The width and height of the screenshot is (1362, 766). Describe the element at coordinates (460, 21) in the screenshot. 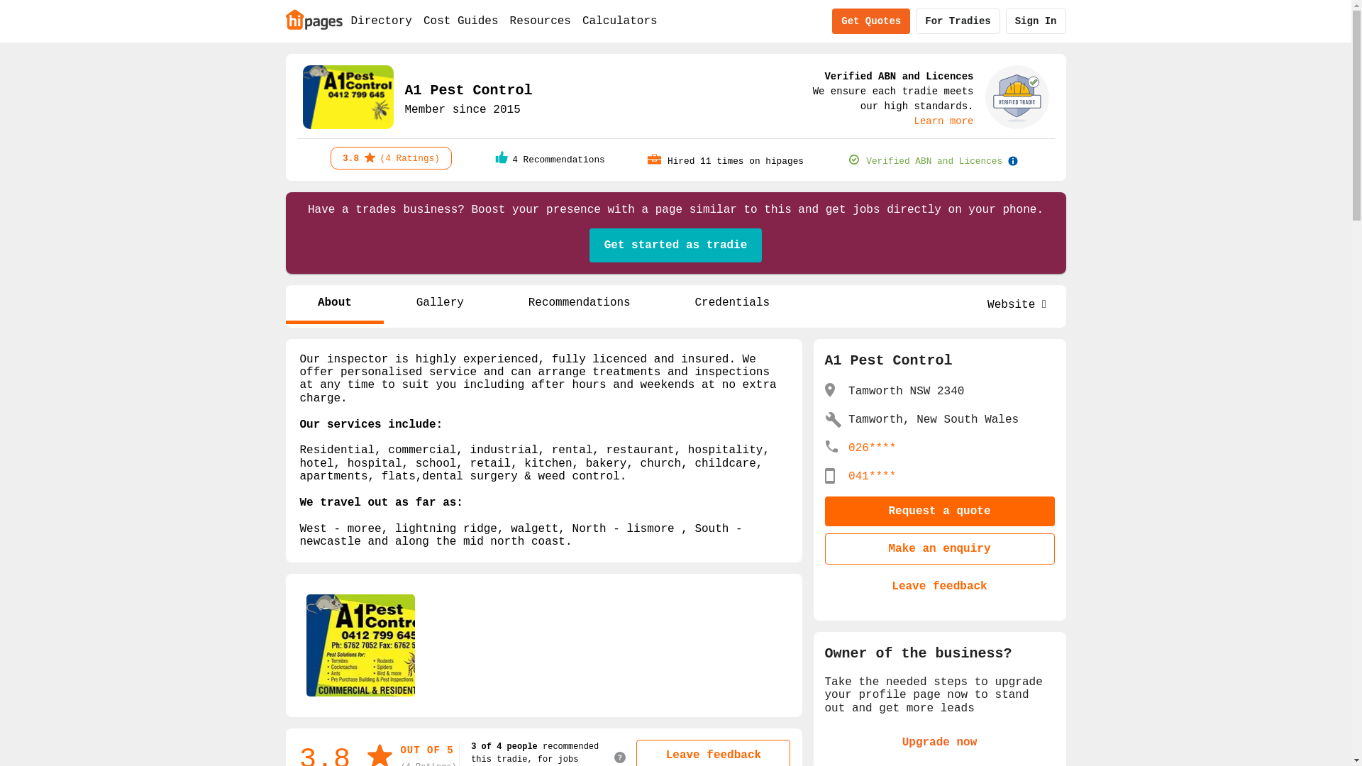

I see `'Cost Guides'` at that location.